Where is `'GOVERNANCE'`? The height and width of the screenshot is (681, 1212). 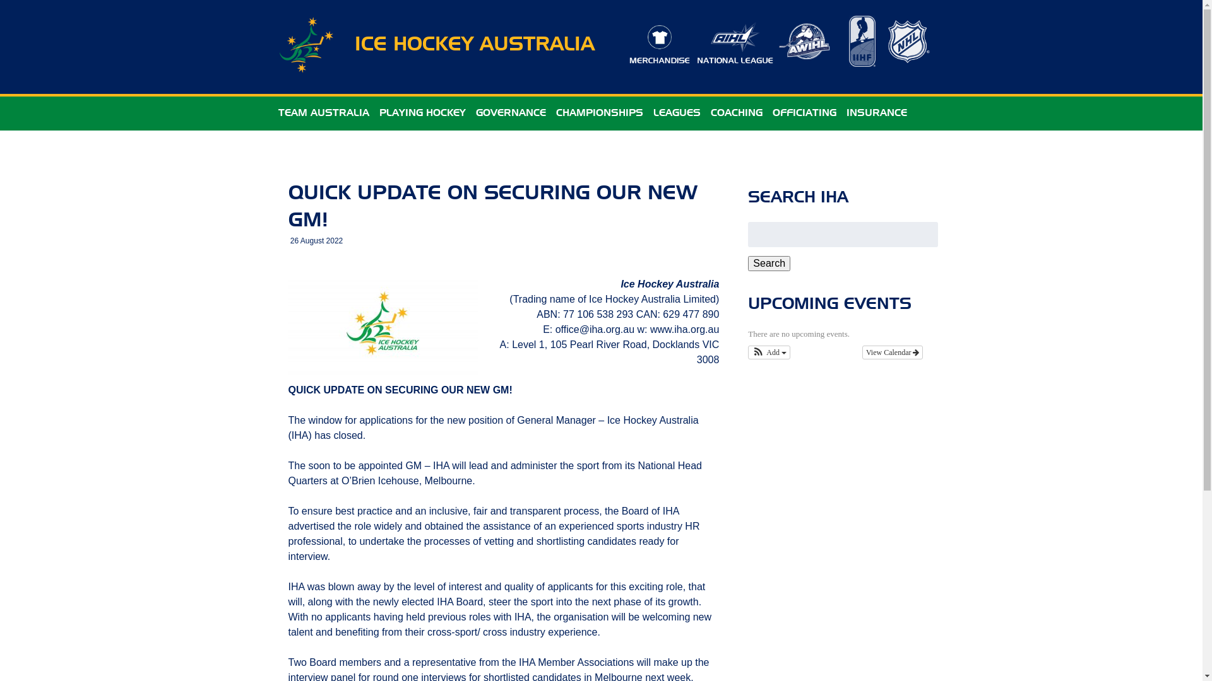
'GOVERNANCE' is located at coordinates (470, 113).